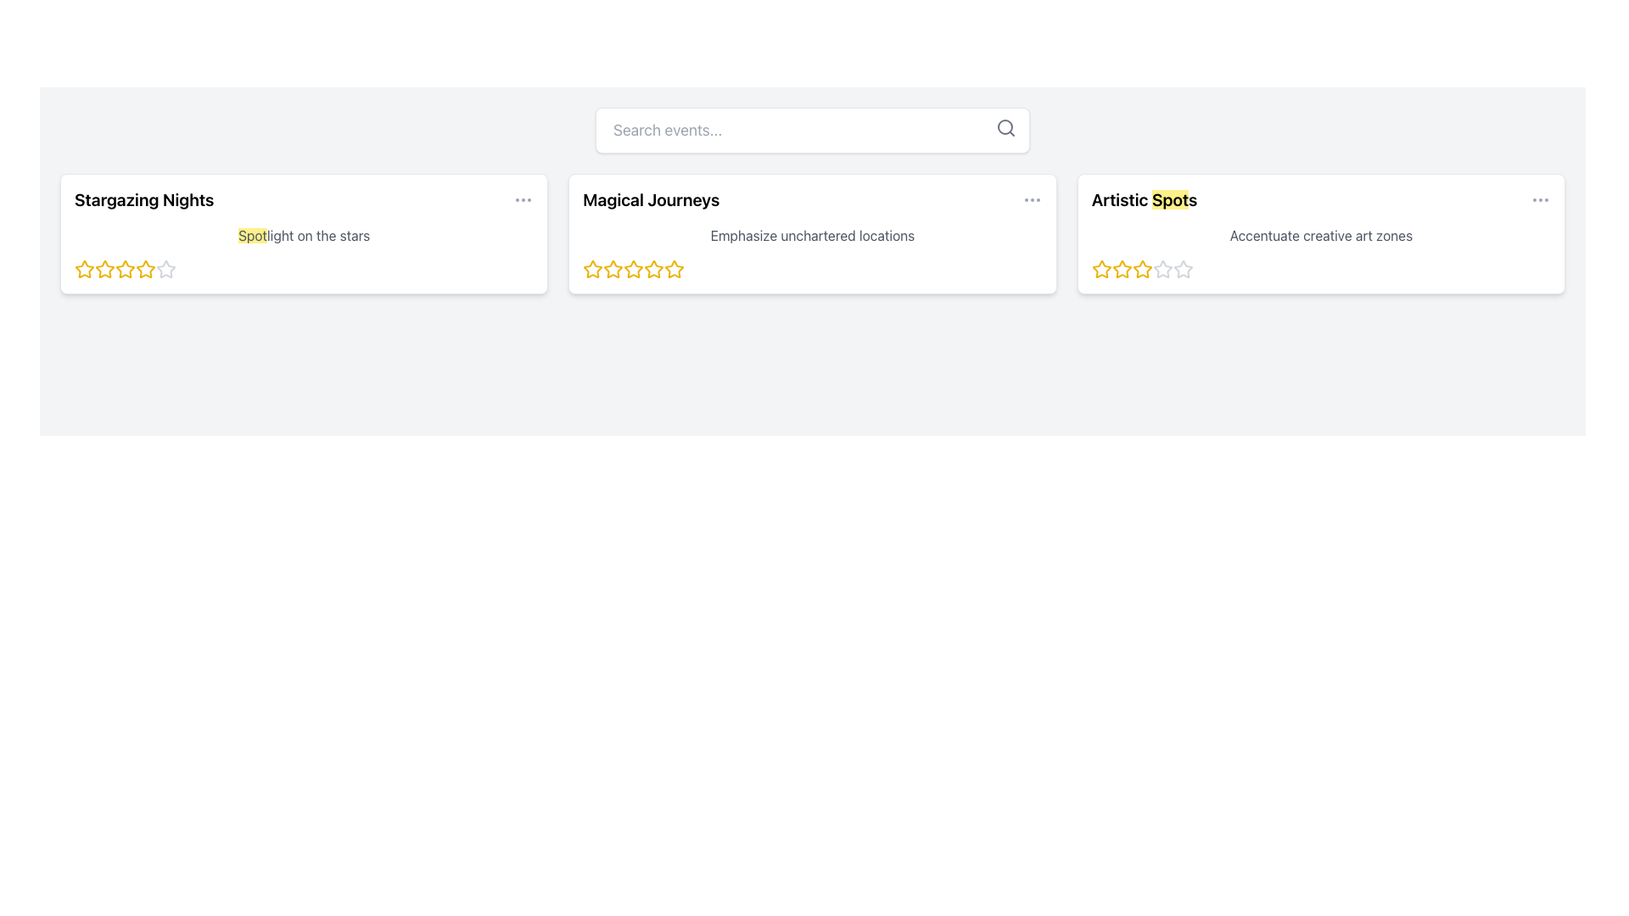  Describe the element at coordinates (1031, 198) in the screenshot. I see `the options icon located at the top right corner of the 'Magical Journeys' card` at that location.